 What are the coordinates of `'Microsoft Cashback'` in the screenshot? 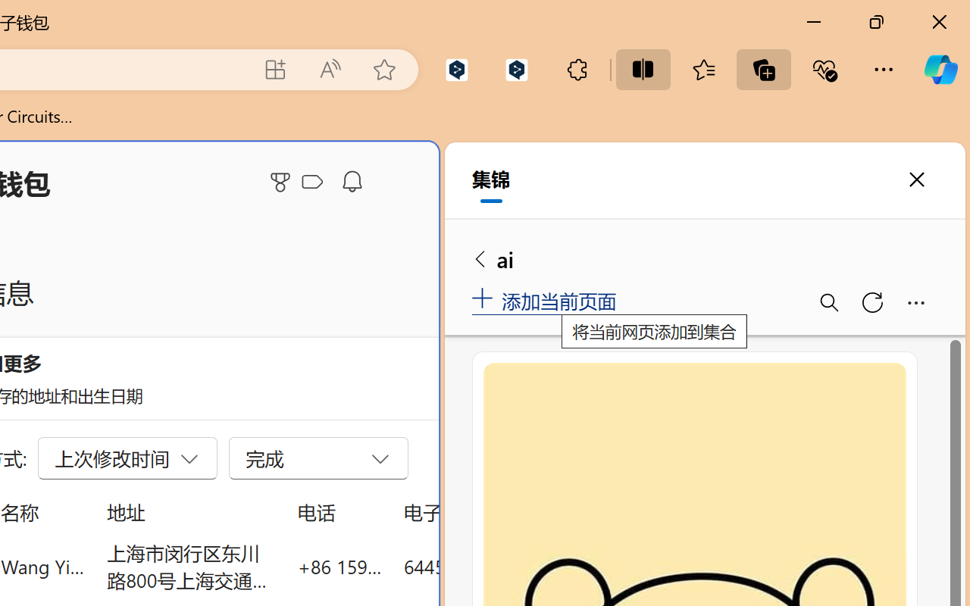 It's located at (314, 182).